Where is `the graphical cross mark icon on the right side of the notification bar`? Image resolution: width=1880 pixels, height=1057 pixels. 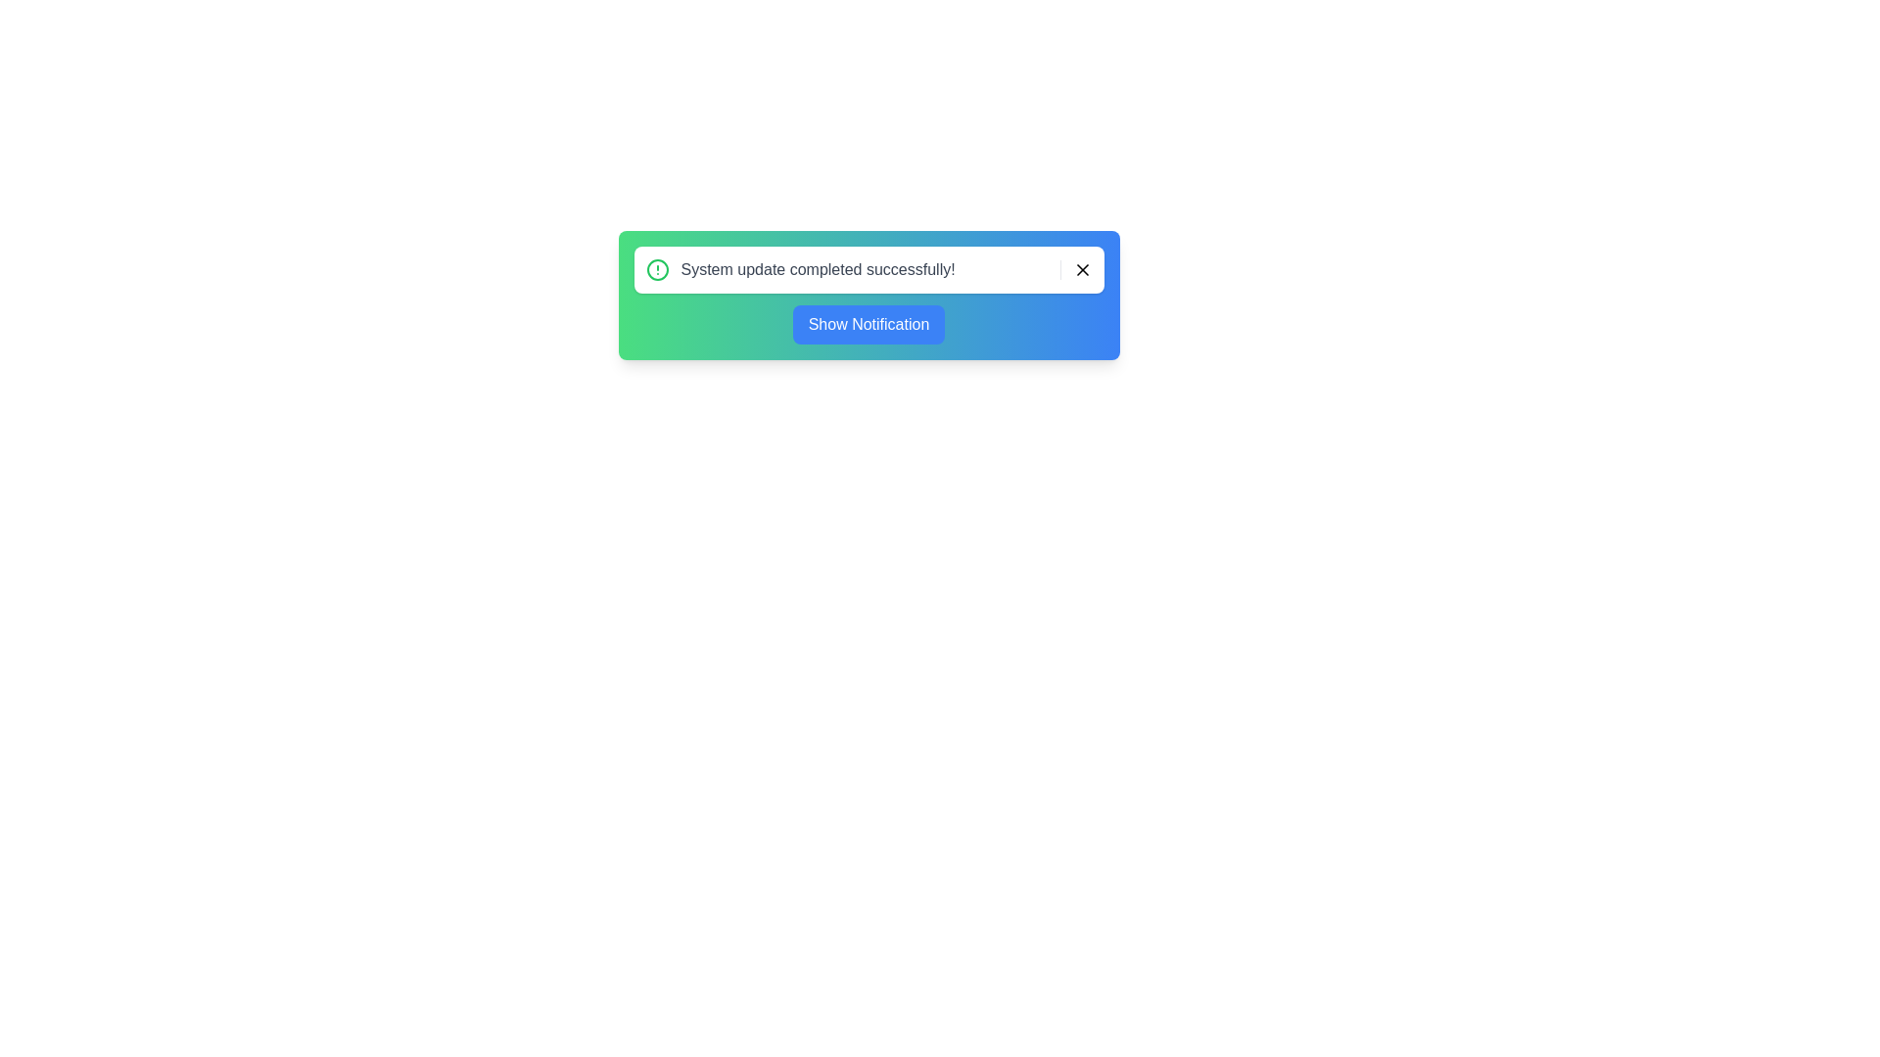 the graphical cross mark icon on the right side of the notification bar is located at coordinates (1081, 270).